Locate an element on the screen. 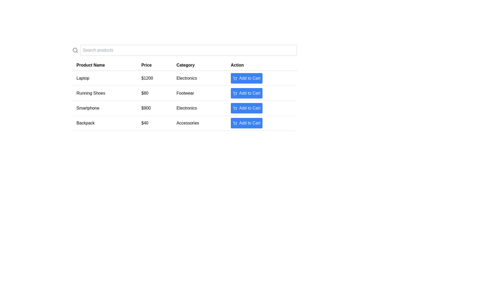 The height and width of the screenshot is (283, 503). the 'Add to Cart' button for the product 'Laptop' in the first row of the table is located at coordinates (261, 78).